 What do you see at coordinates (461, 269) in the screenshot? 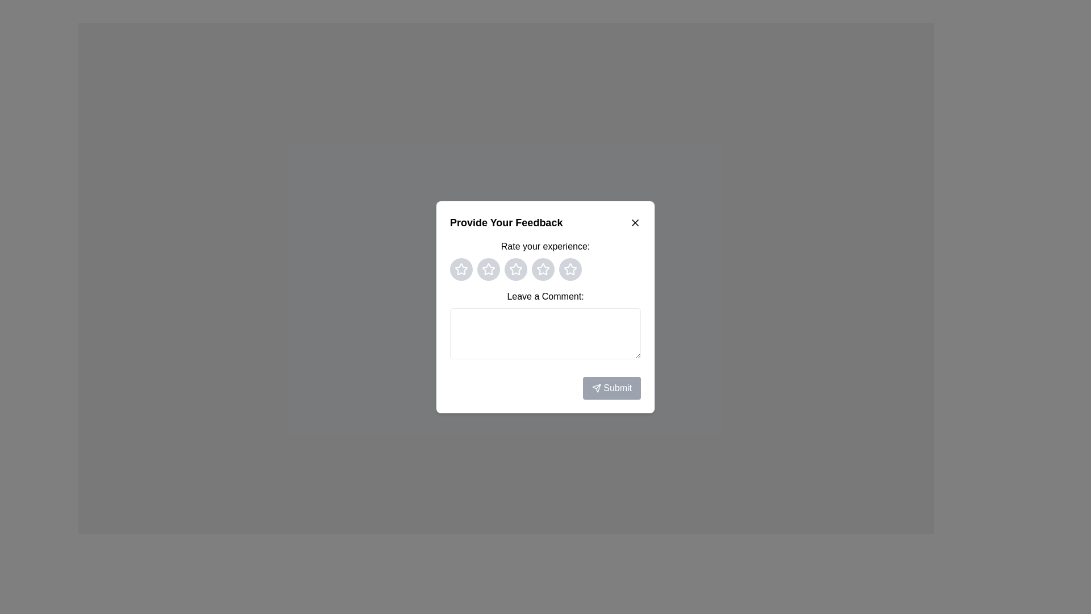
I see `the first star icon` at bounding box center [461, 269].